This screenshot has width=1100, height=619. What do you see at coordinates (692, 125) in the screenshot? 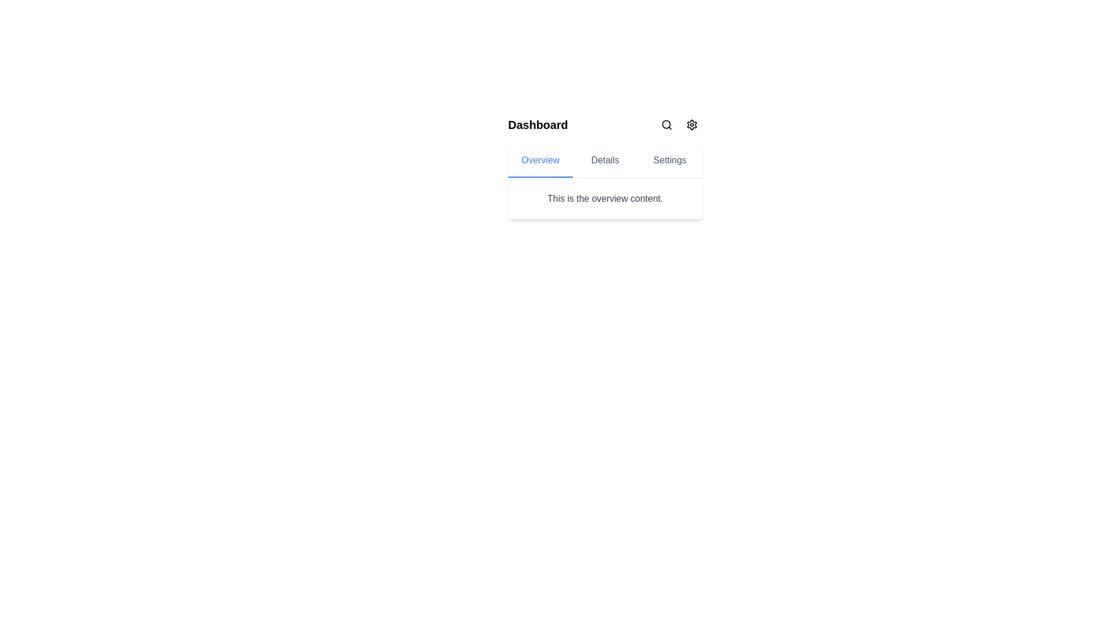
I see `the settings button located in the top right area of the interface` at bounding box center [692, 125].